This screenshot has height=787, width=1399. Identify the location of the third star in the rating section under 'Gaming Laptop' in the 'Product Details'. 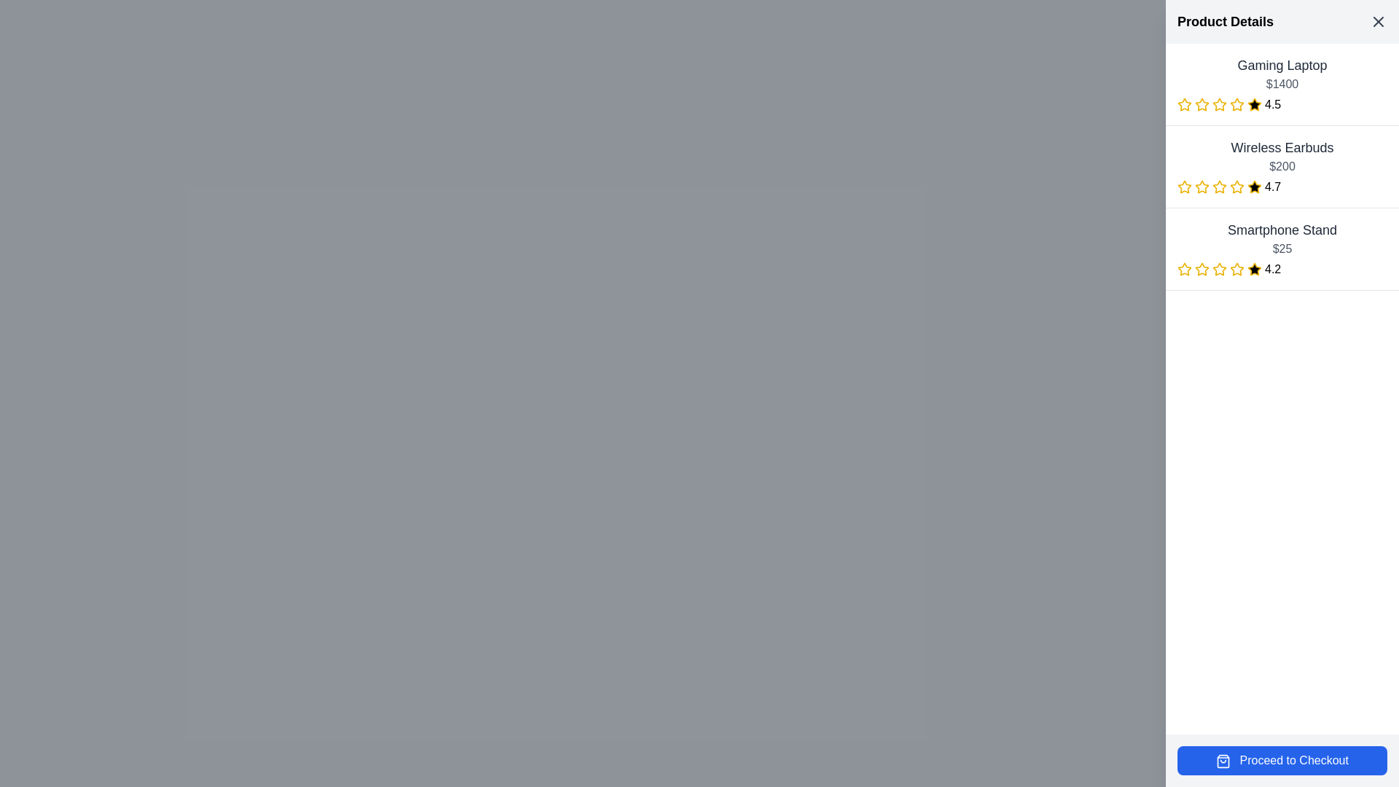
(1237, 103).